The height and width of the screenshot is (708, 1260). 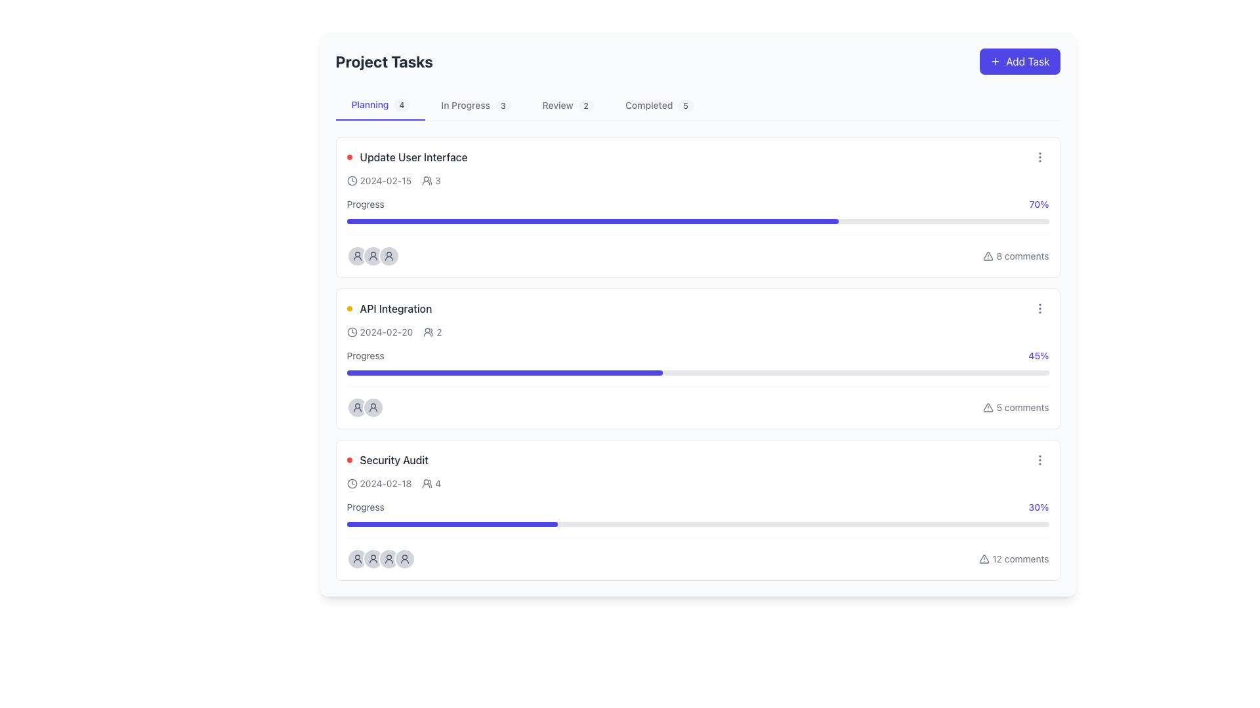 What do you see at coordinates (697, 373) in the screenshot?
I see `the second horizontal progress bar with a gray background and indigo progress indicator located in the 'Progress' section, which shows '45% progress'` at bounding box center [697, 373].